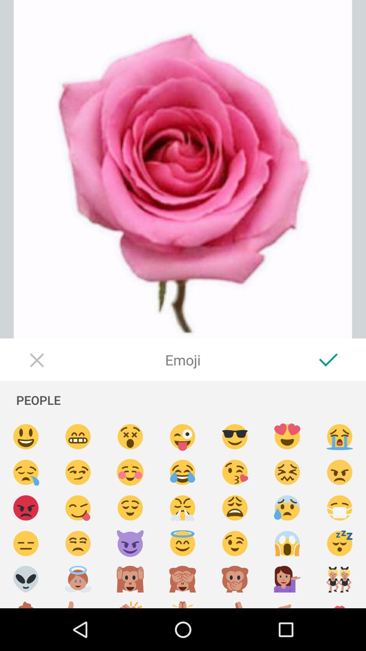  What do you see at coordinates (25, 437) in the screenshot?
I see `emoji` at bounding box center [25, 437].